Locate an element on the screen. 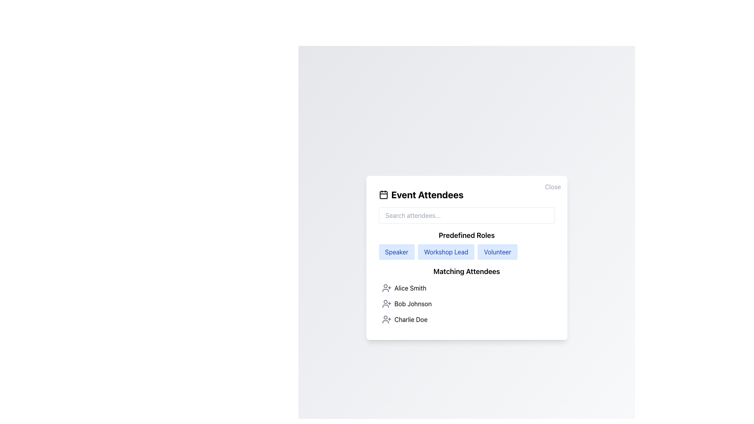 This screenshot has height=424, width=754. the 'Volunteer' button, which is the third button in the 'Predefined Roles' section is located at coordinates (497, 252).